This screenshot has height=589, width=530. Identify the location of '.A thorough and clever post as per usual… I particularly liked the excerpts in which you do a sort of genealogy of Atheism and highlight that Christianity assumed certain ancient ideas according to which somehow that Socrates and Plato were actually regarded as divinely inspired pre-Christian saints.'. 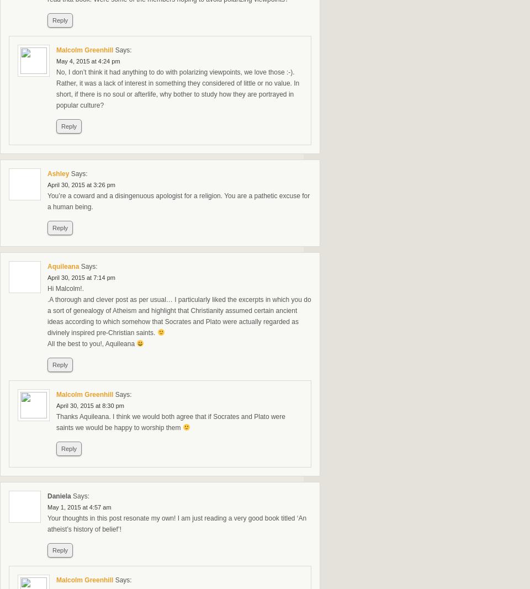
(179, 316).